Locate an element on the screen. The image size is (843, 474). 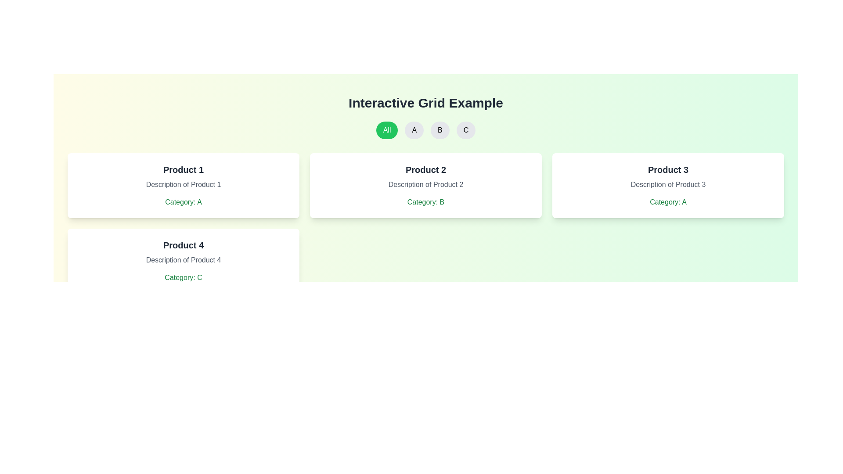
the surrounding context is located at coordinates (183, 260).